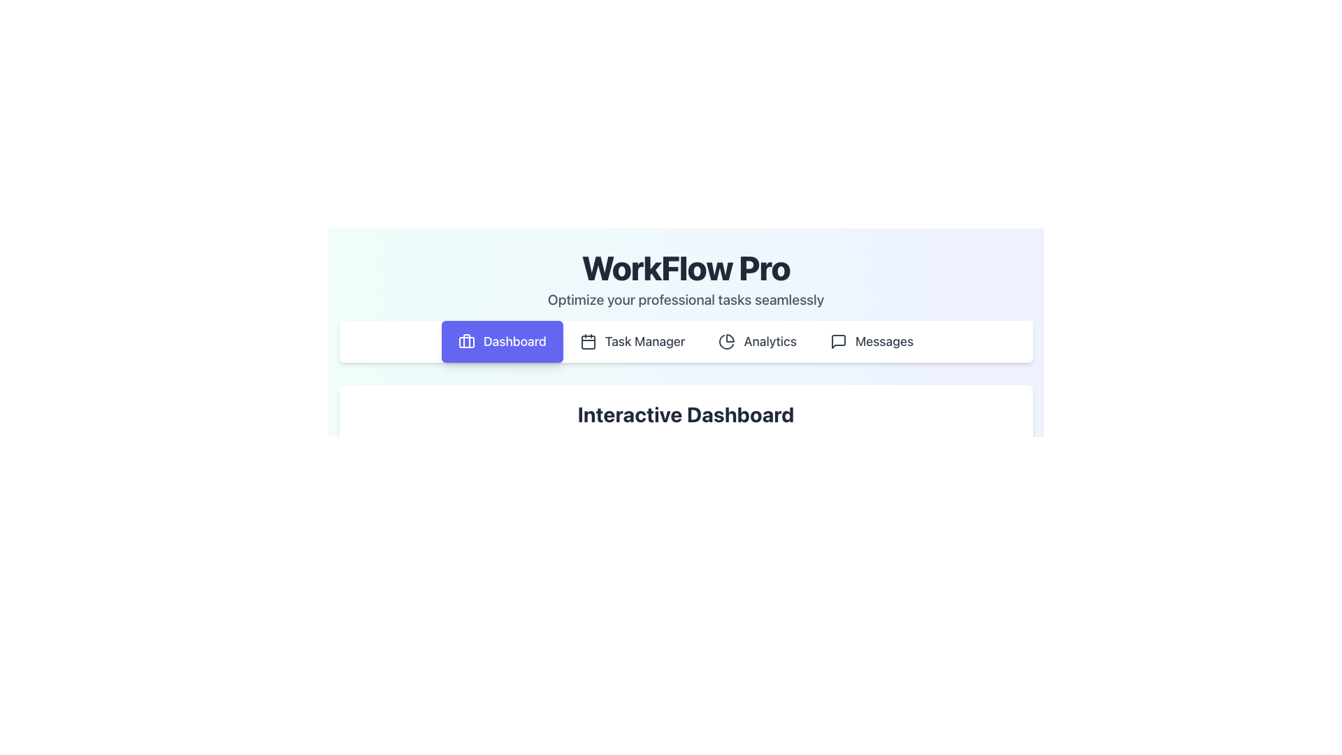  I want to click on the speech bubble icon located in the top navigation menu, which is styled with a dark hue and is to the left of the 'Messages' text label, so click(838, 342).